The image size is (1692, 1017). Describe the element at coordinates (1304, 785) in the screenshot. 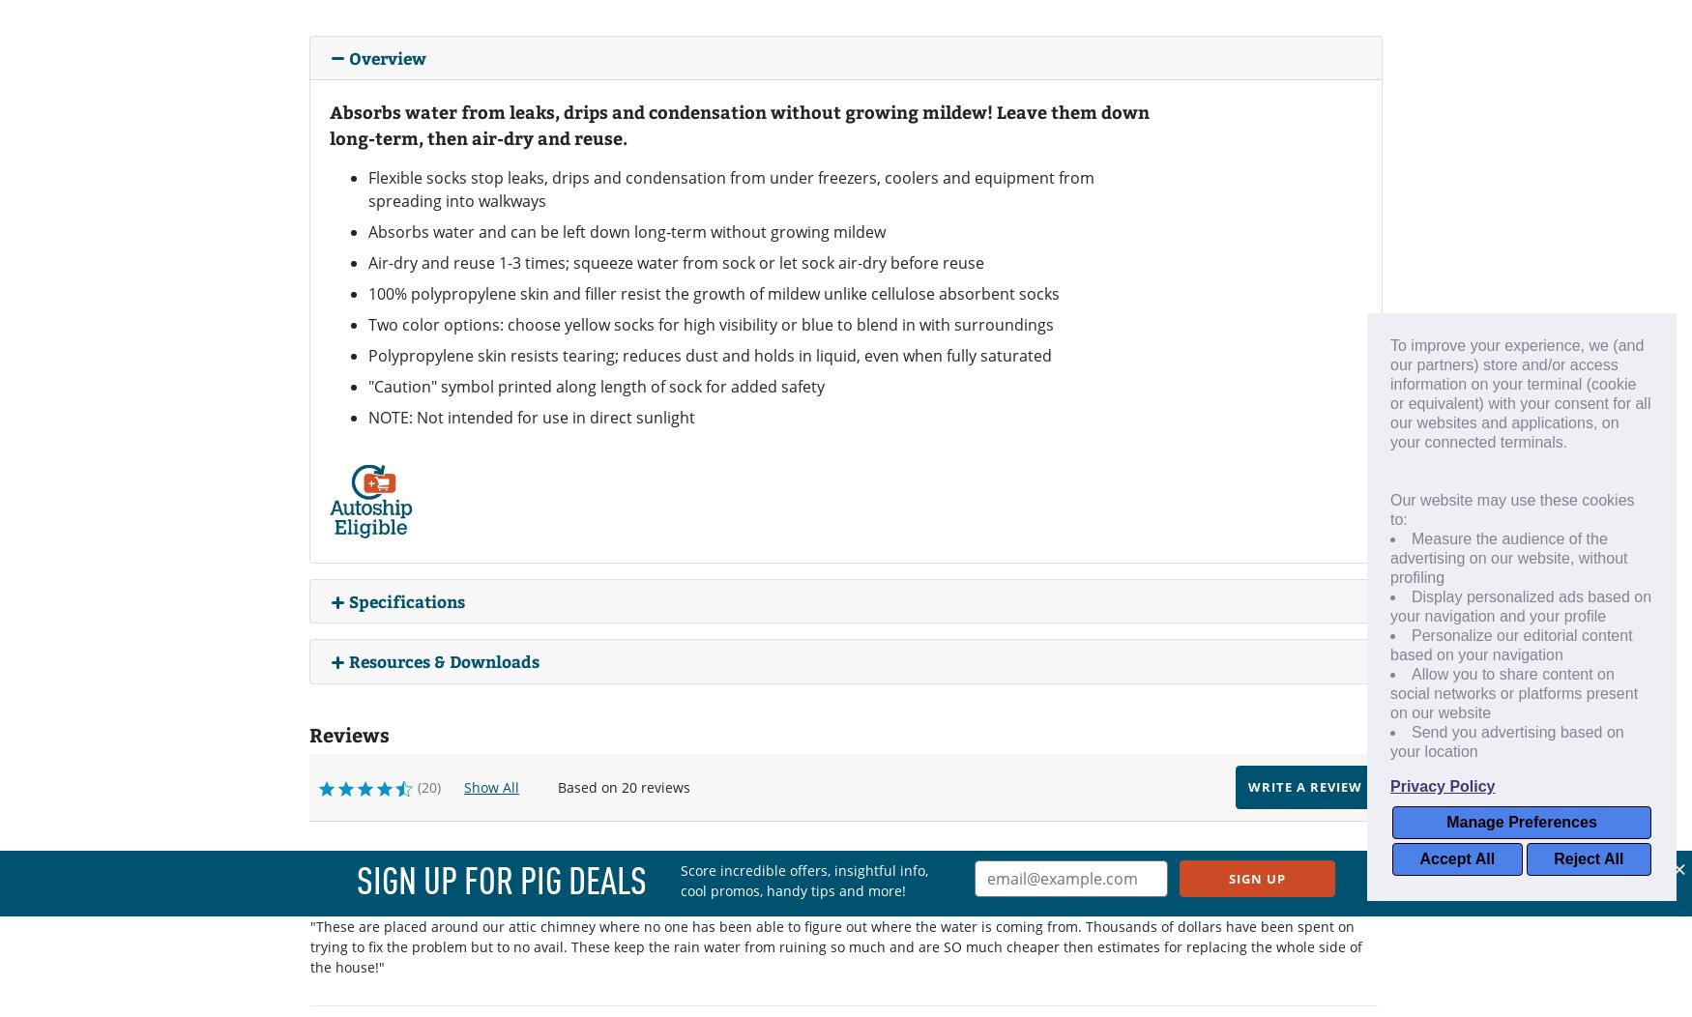

I see `'Write a Review'` at that location.